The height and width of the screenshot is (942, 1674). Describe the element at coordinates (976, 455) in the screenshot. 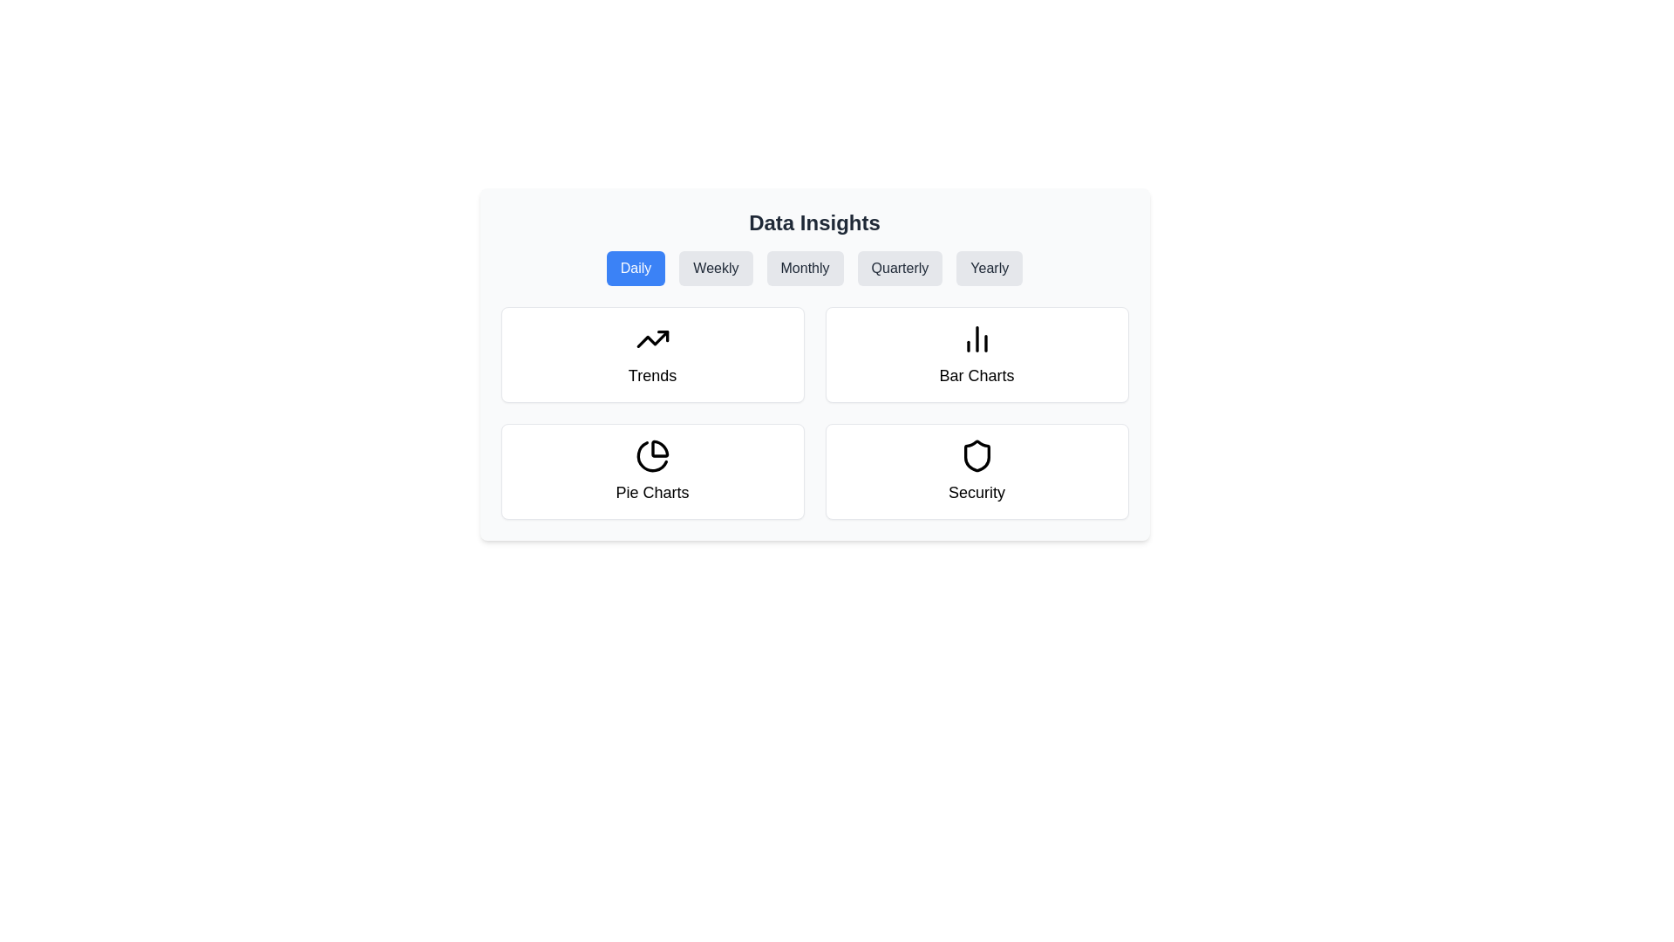

I see `the inner curve of the shield icon located in the 'Security' grid cell beneath the 'Data Insights' heading` at that location.